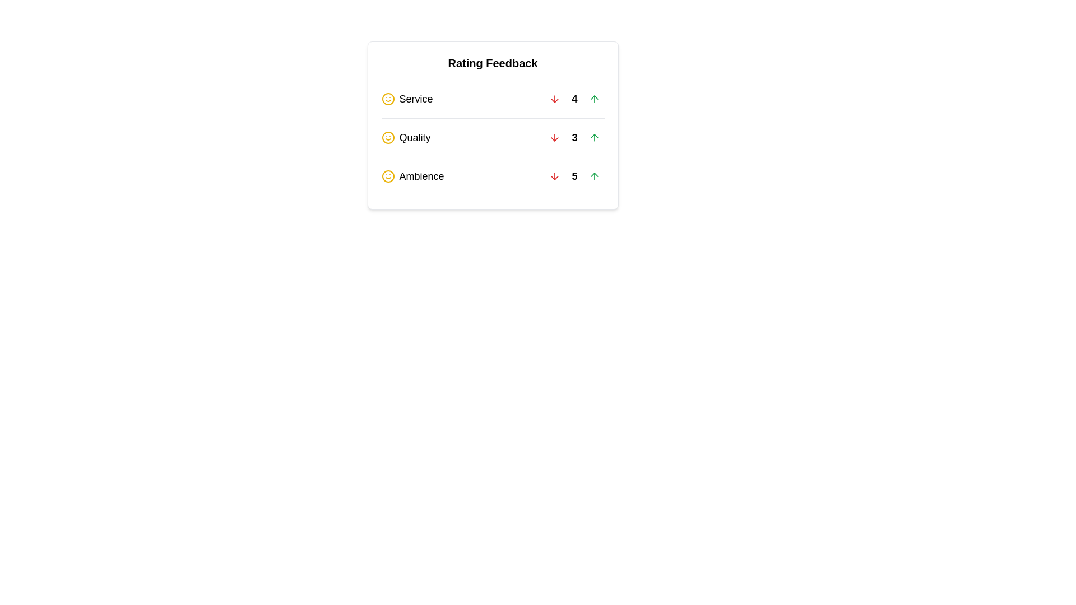 This screenshot has height=605, width=1076. I want to click on the Rating Input Component for 'Ambience', located in the bottom row of the vertically aligned list, positioned below 'Quality', so click(493, 176).